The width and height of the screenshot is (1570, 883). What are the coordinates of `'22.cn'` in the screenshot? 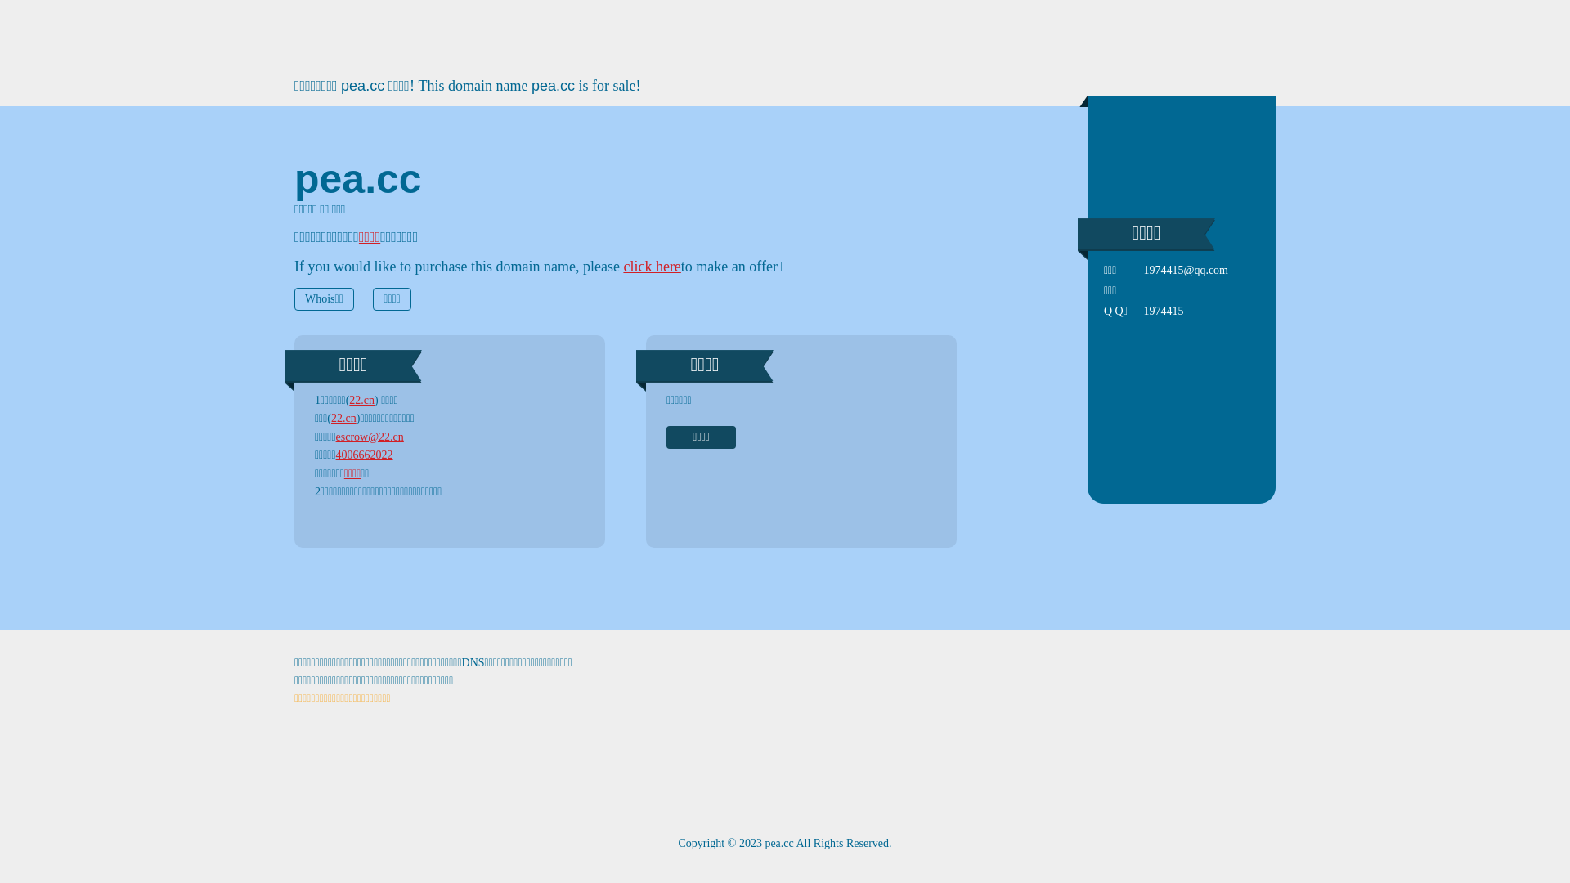 It's located at (348, 400).